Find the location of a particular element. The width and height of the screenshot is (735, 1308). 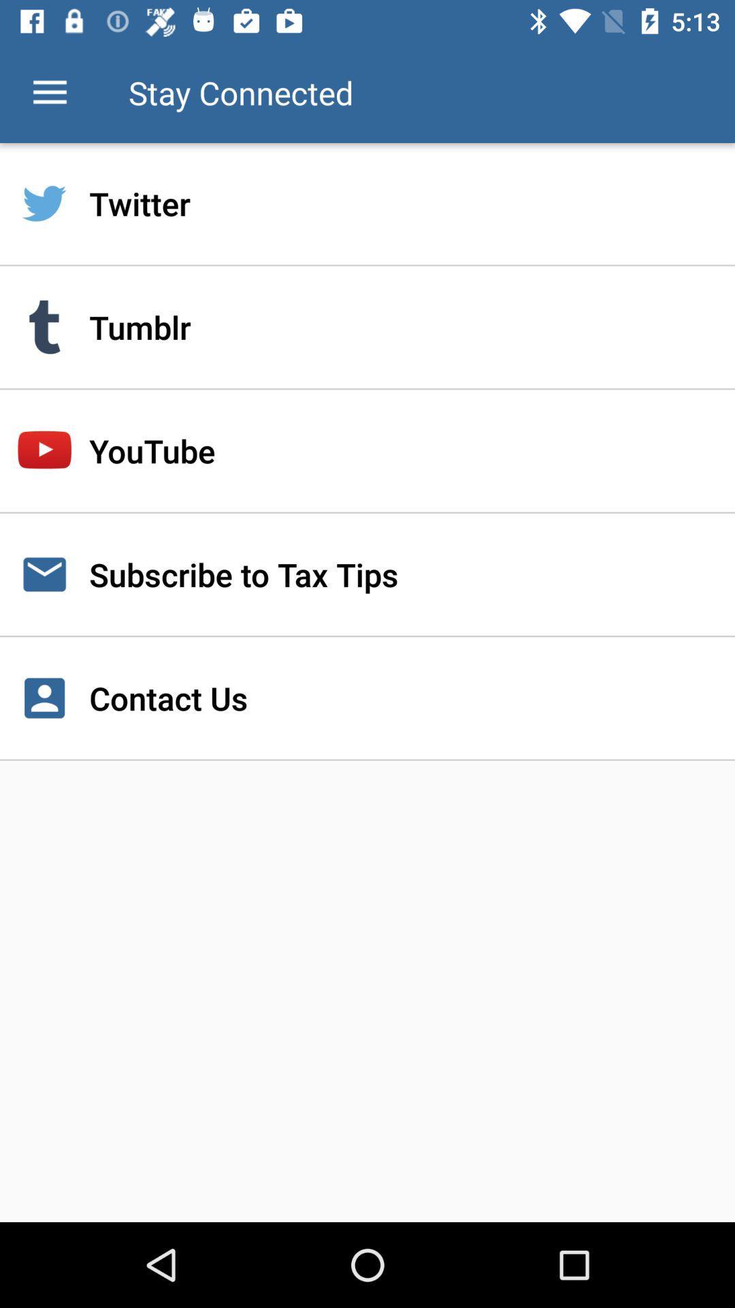

the tumblr is located at coordinates (367, 327).